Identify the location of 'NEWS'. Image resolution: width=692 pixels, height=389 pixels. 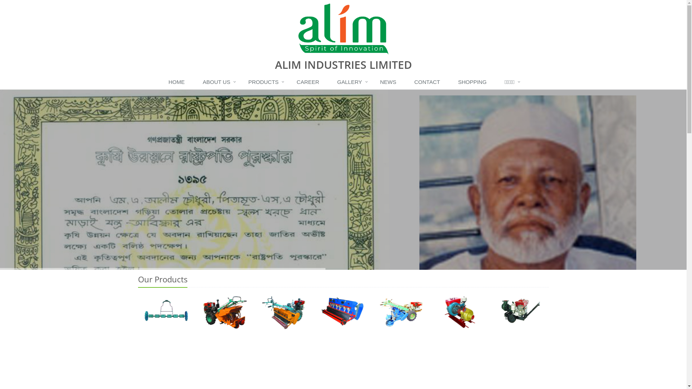
(390, 82).